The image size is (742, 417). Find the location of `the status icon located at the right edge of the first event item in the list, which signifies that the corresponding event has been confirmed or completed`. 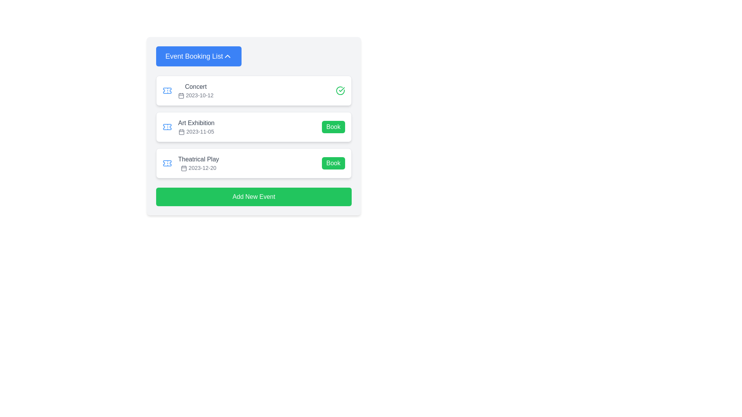

the status icon located at the right edge of the first event item in the list, which signifies that the corresponding event has been confirmed or completed is located at coordinates (340, 90).